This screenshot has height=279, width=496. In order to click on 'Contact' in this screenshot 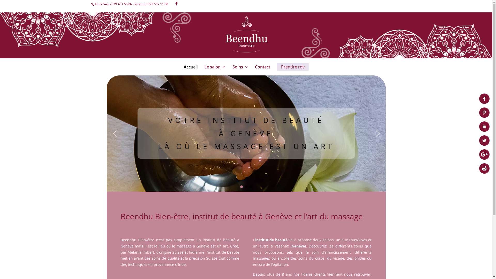, I will do `click(254, 71)`.